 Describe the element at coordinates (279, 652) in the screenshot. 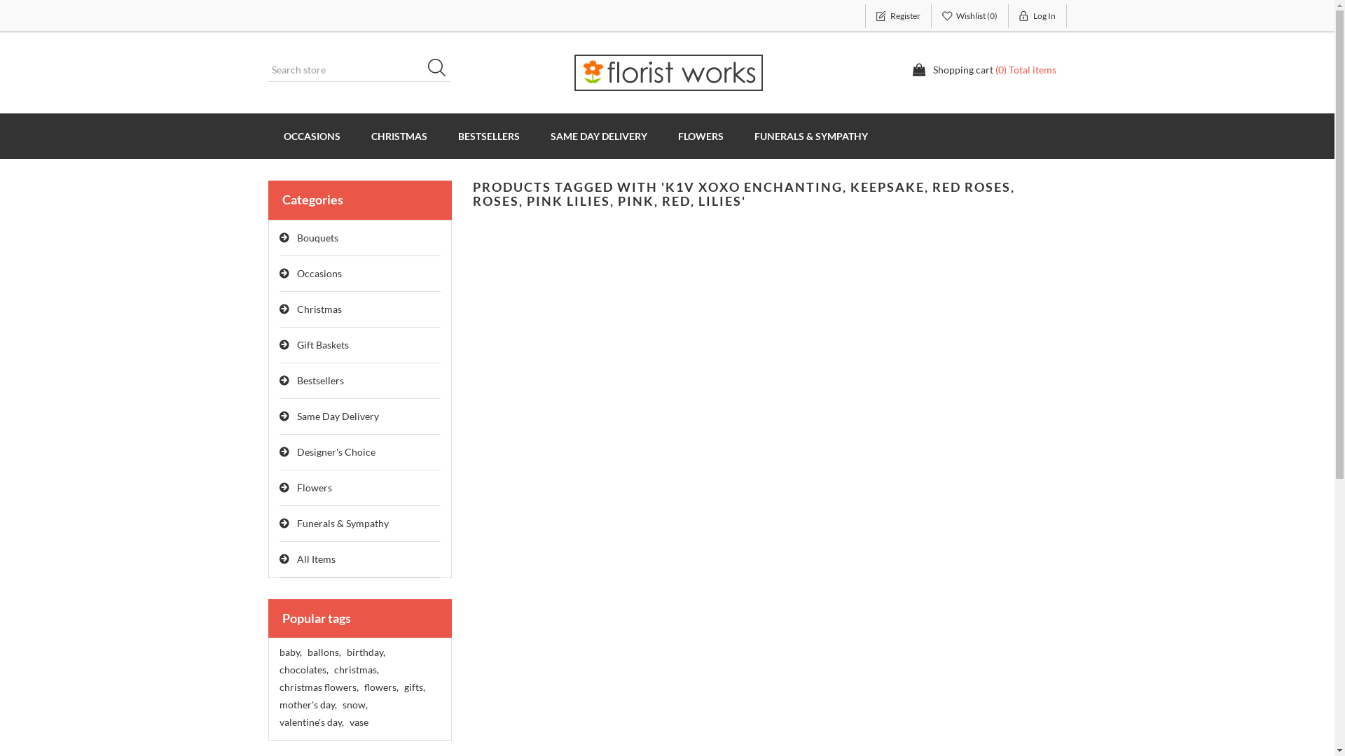

I see `'baby,'` at that location.